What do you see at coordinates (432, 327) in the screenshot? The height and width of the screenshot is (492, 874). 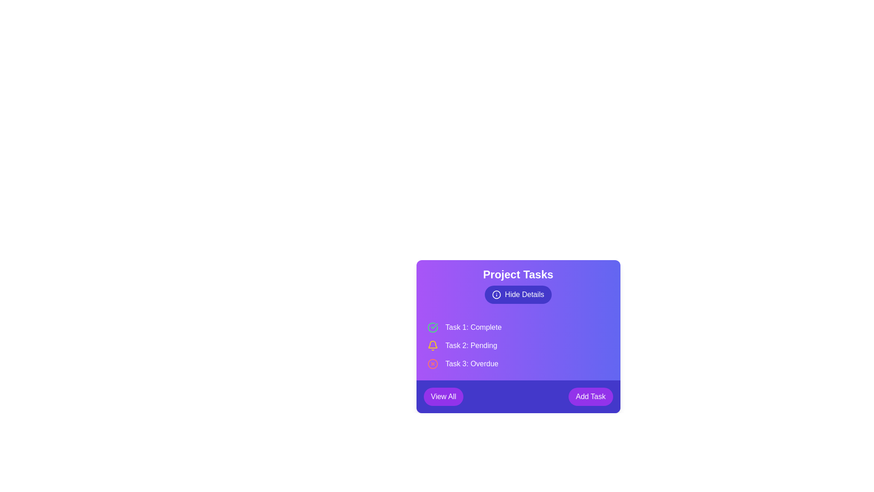 I see `the green circle icon with a checkmark indicating the completion of 'Task 1: Complete', located in the leftmost position of the task list` at bounding box center [432, 327].